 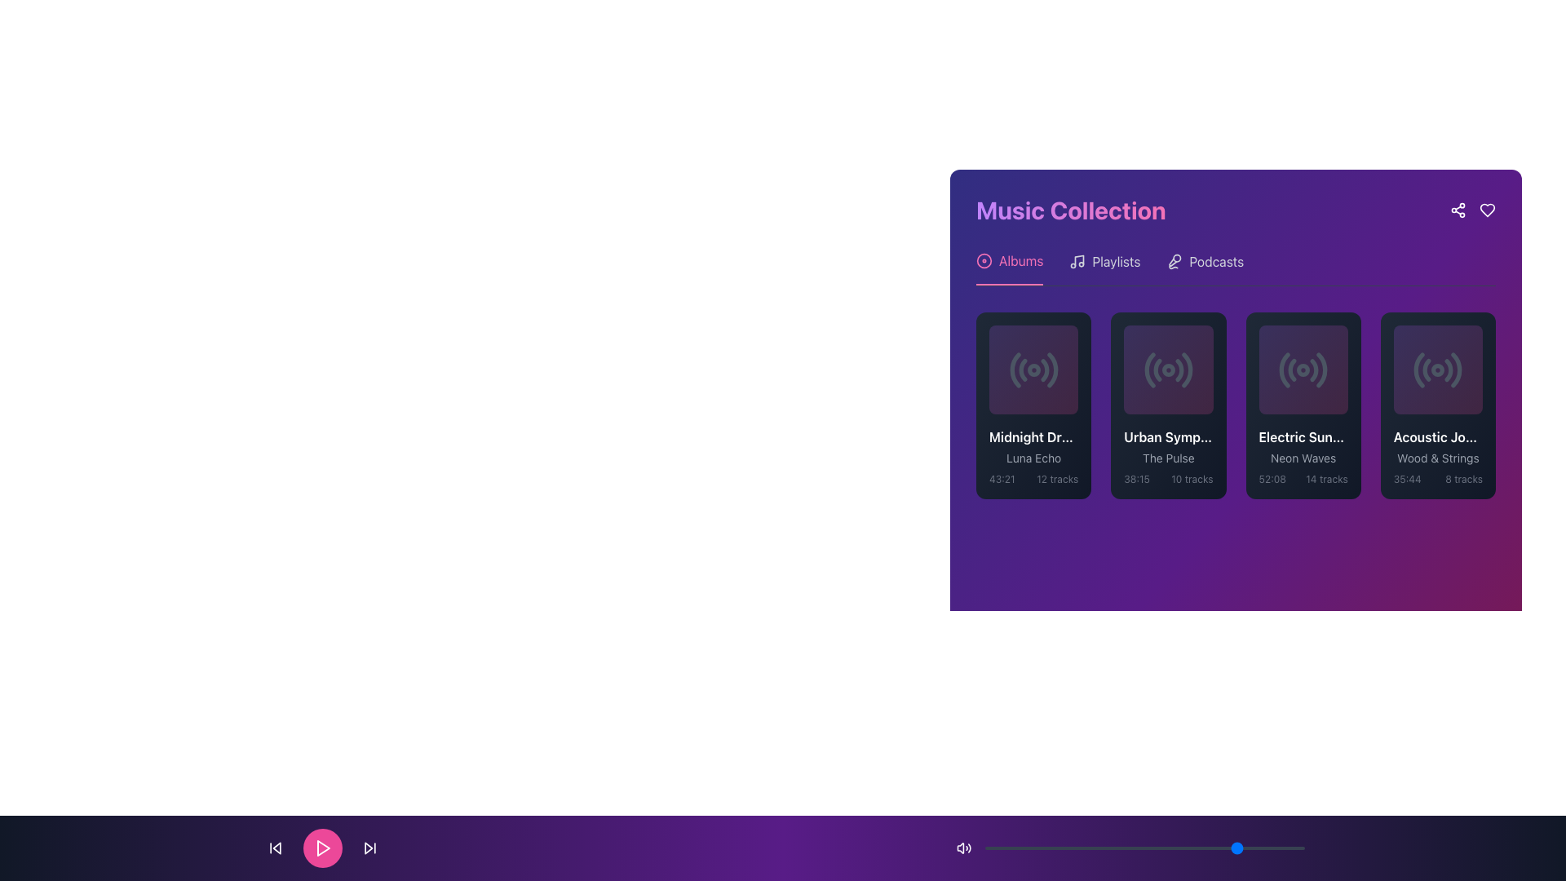 I want to click on the slider value, so click(x=1215, y=848).